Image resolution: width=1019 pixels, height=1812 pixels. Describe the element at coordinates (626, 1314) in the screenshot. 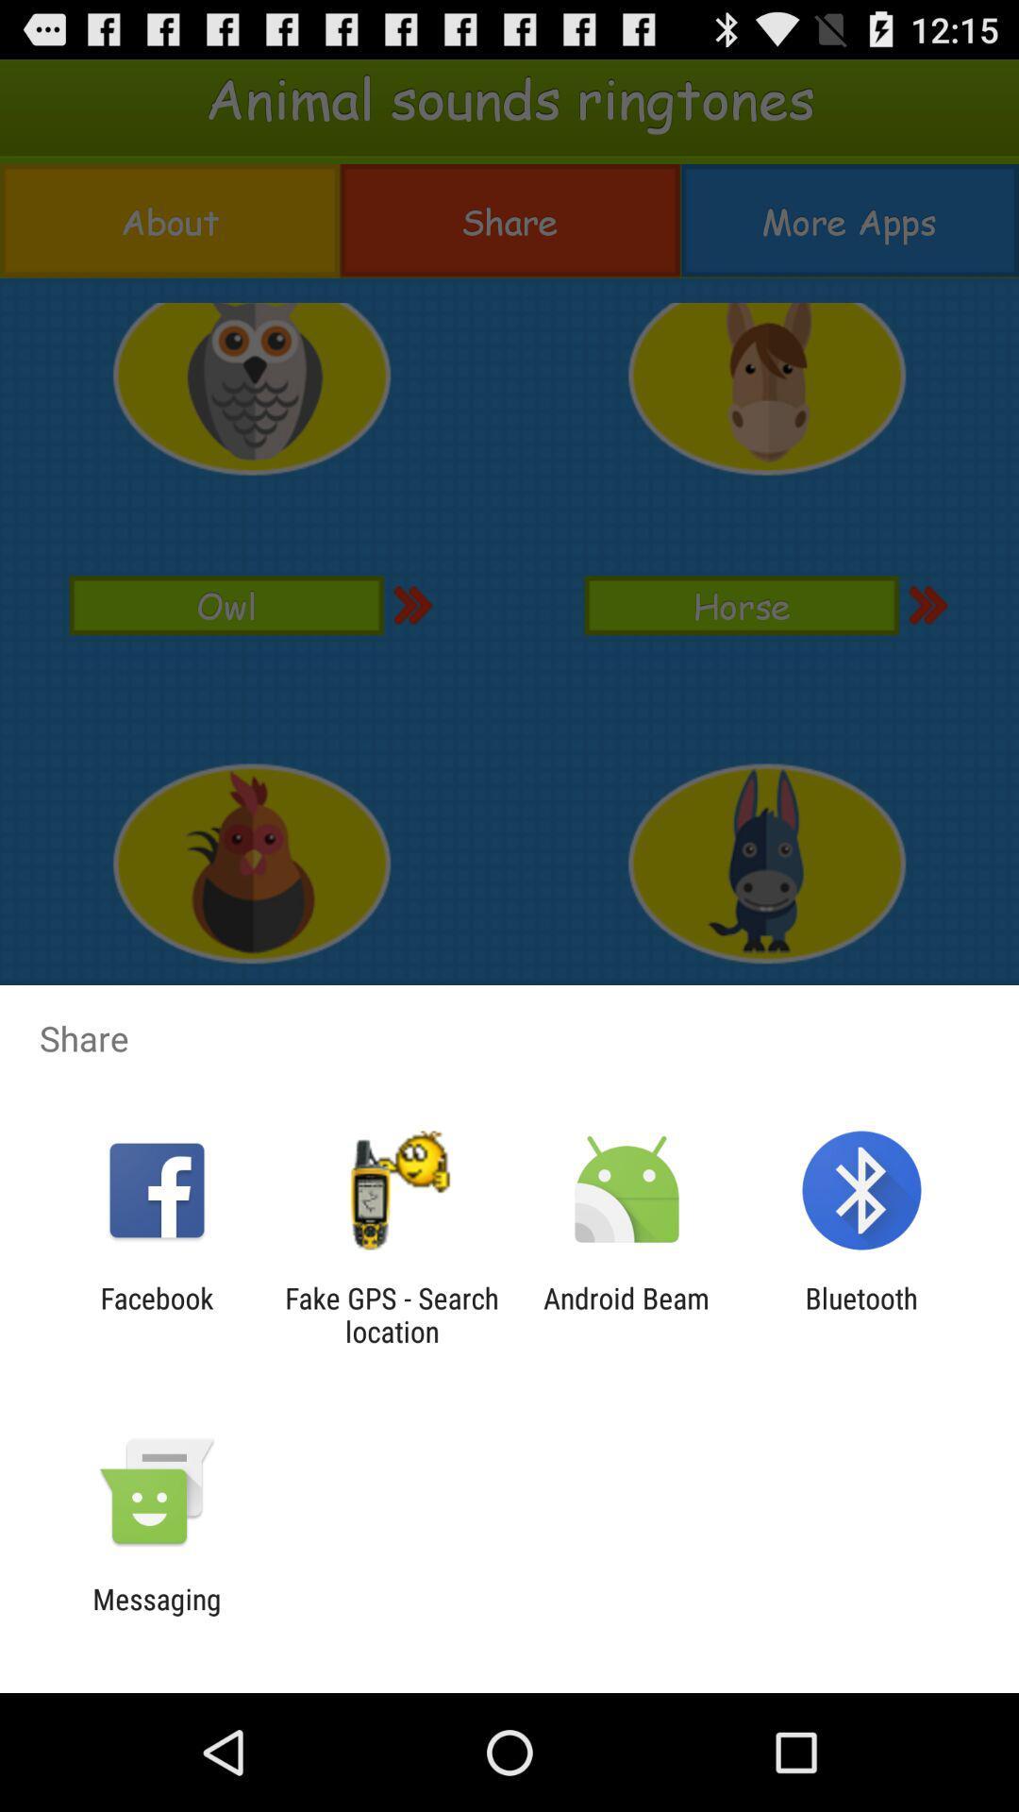

I see `the icon next to bluetooth icon` at that location.